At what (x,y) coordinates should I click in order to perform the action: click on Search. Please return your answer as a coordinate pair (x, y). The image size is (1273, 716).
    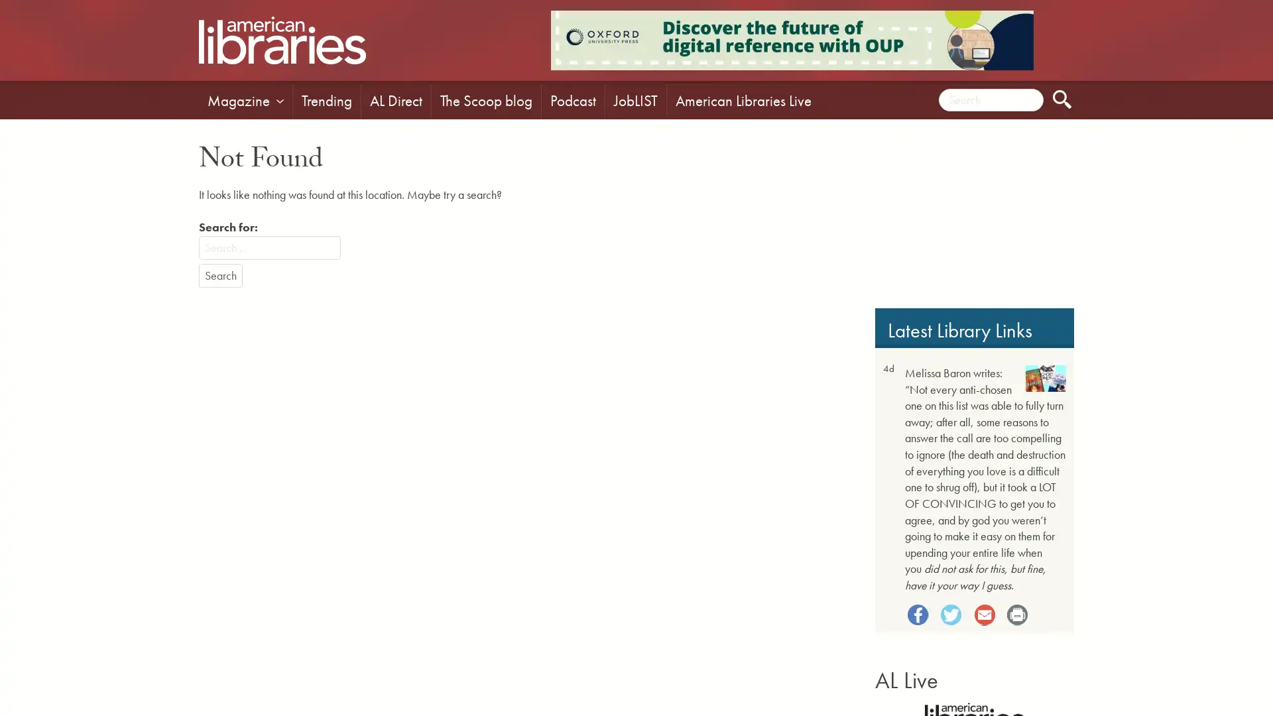
    Looking at the image, I should click on (220, 275).